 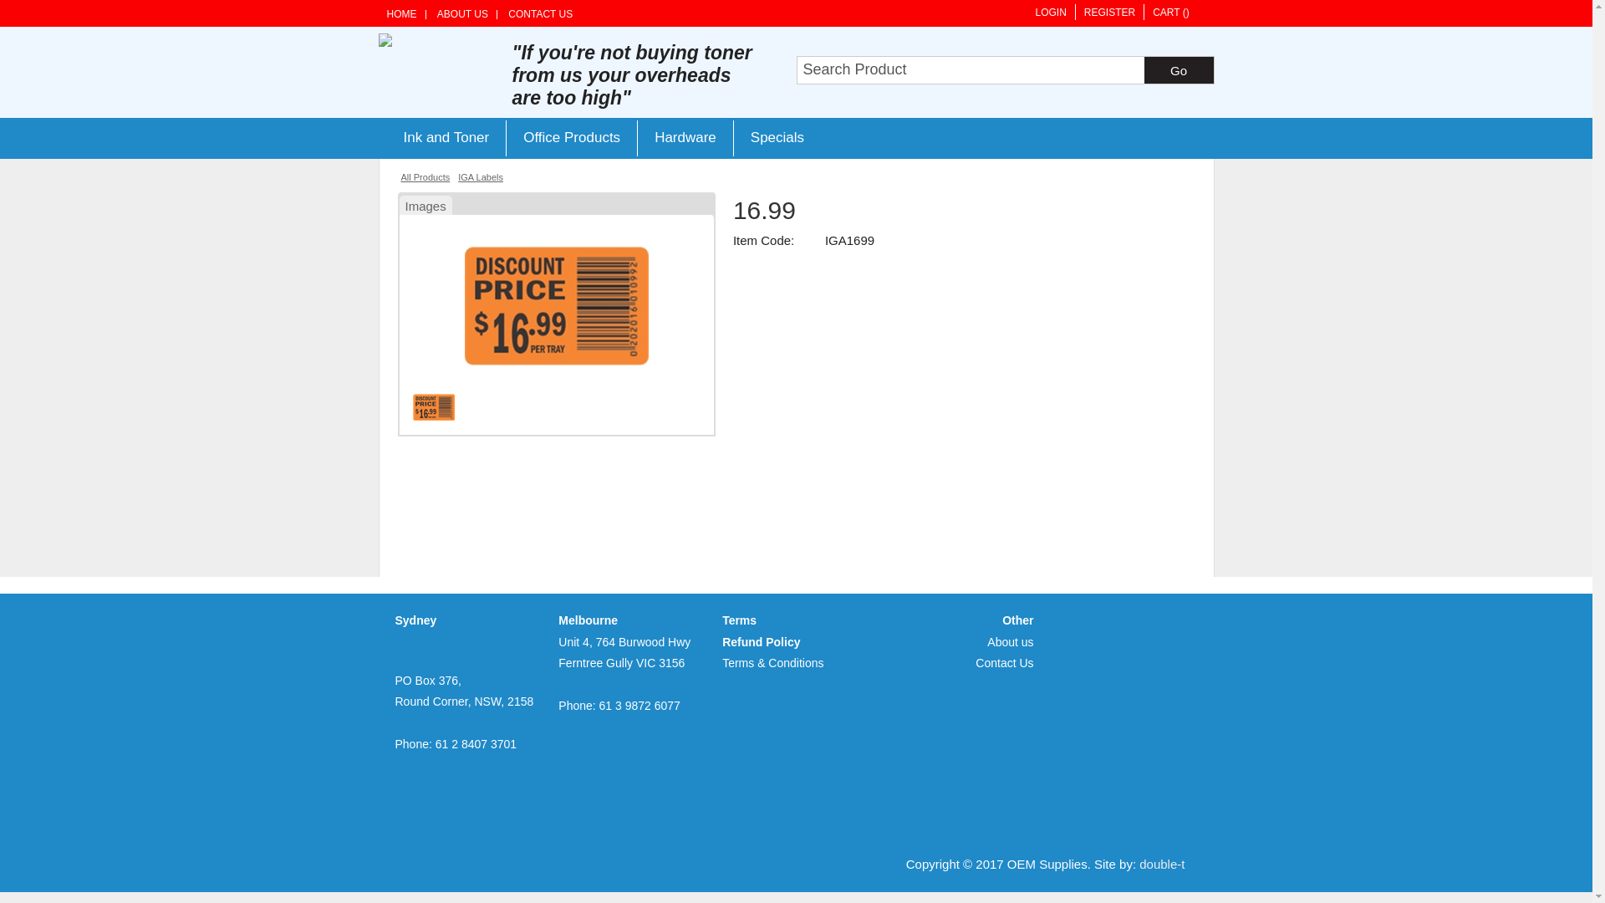 I want to click on 'ABOUT US', so click(x=462, y=14).